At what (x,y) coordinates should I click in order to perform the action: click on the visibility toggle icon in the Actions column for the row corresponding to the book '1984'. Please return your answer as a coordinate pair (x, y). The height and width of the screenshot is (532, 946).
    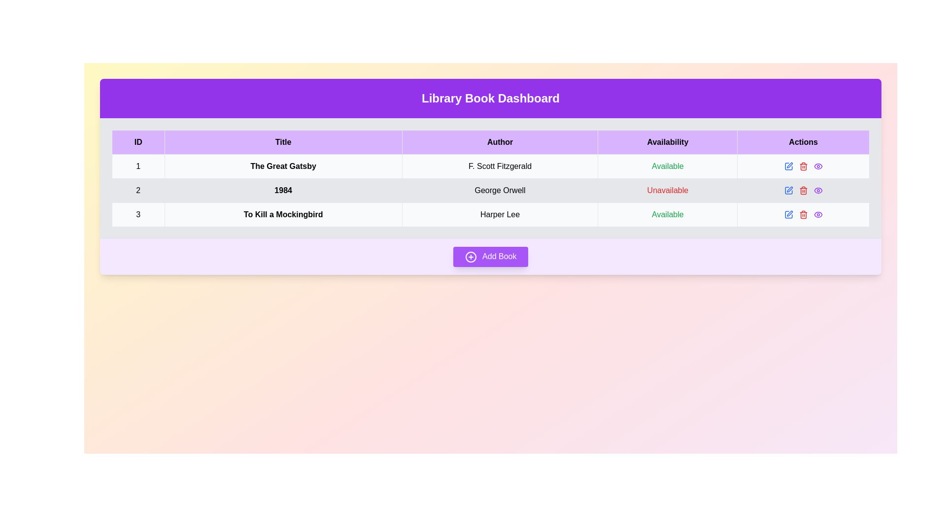
    Looking at the image, I should click on (818, 190).